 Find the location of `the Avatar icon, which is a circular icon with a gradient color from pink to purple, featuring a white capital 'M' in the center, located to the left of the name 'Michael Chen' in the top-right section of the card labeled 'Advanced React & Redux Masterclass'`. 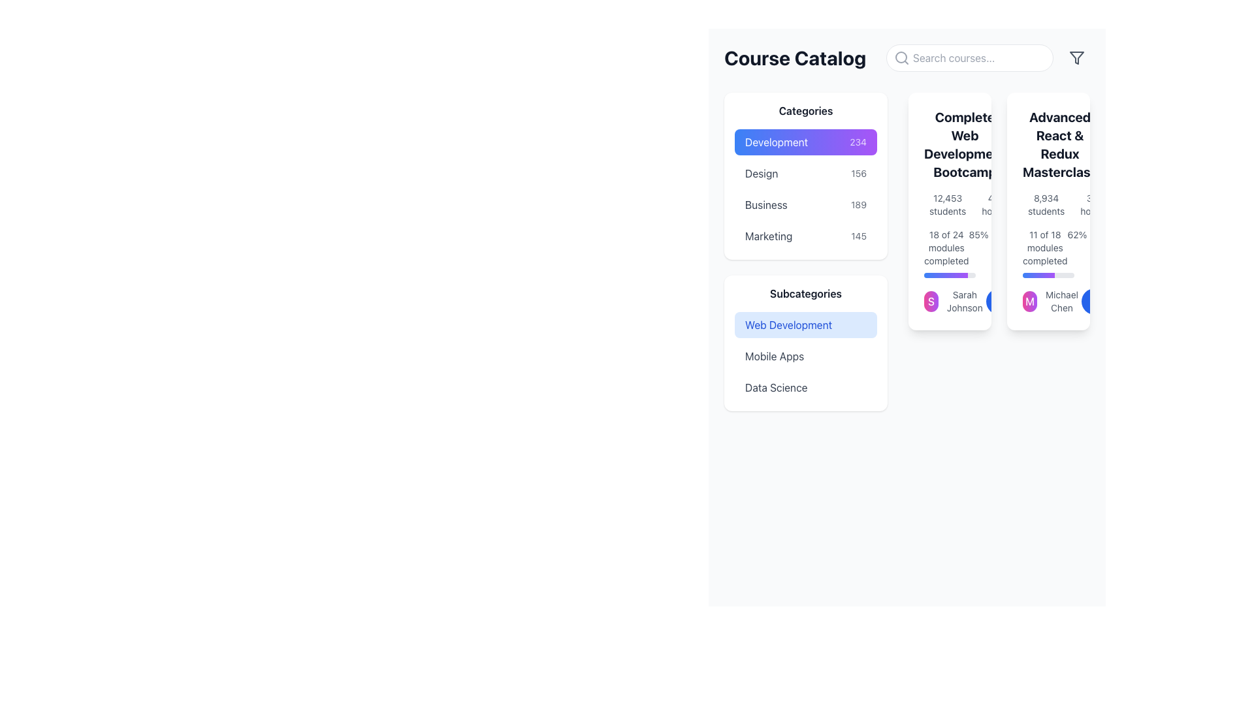

the Avatar icon, which is a circular icon with a gradient color from pink to purple, featuring a white capital 'M' in the center, located to the left of the name 'Michael Chen' in the top-right section of the card labeled 'Advanced React & Redux Masterclass' is located at coordinates (1029, 302).